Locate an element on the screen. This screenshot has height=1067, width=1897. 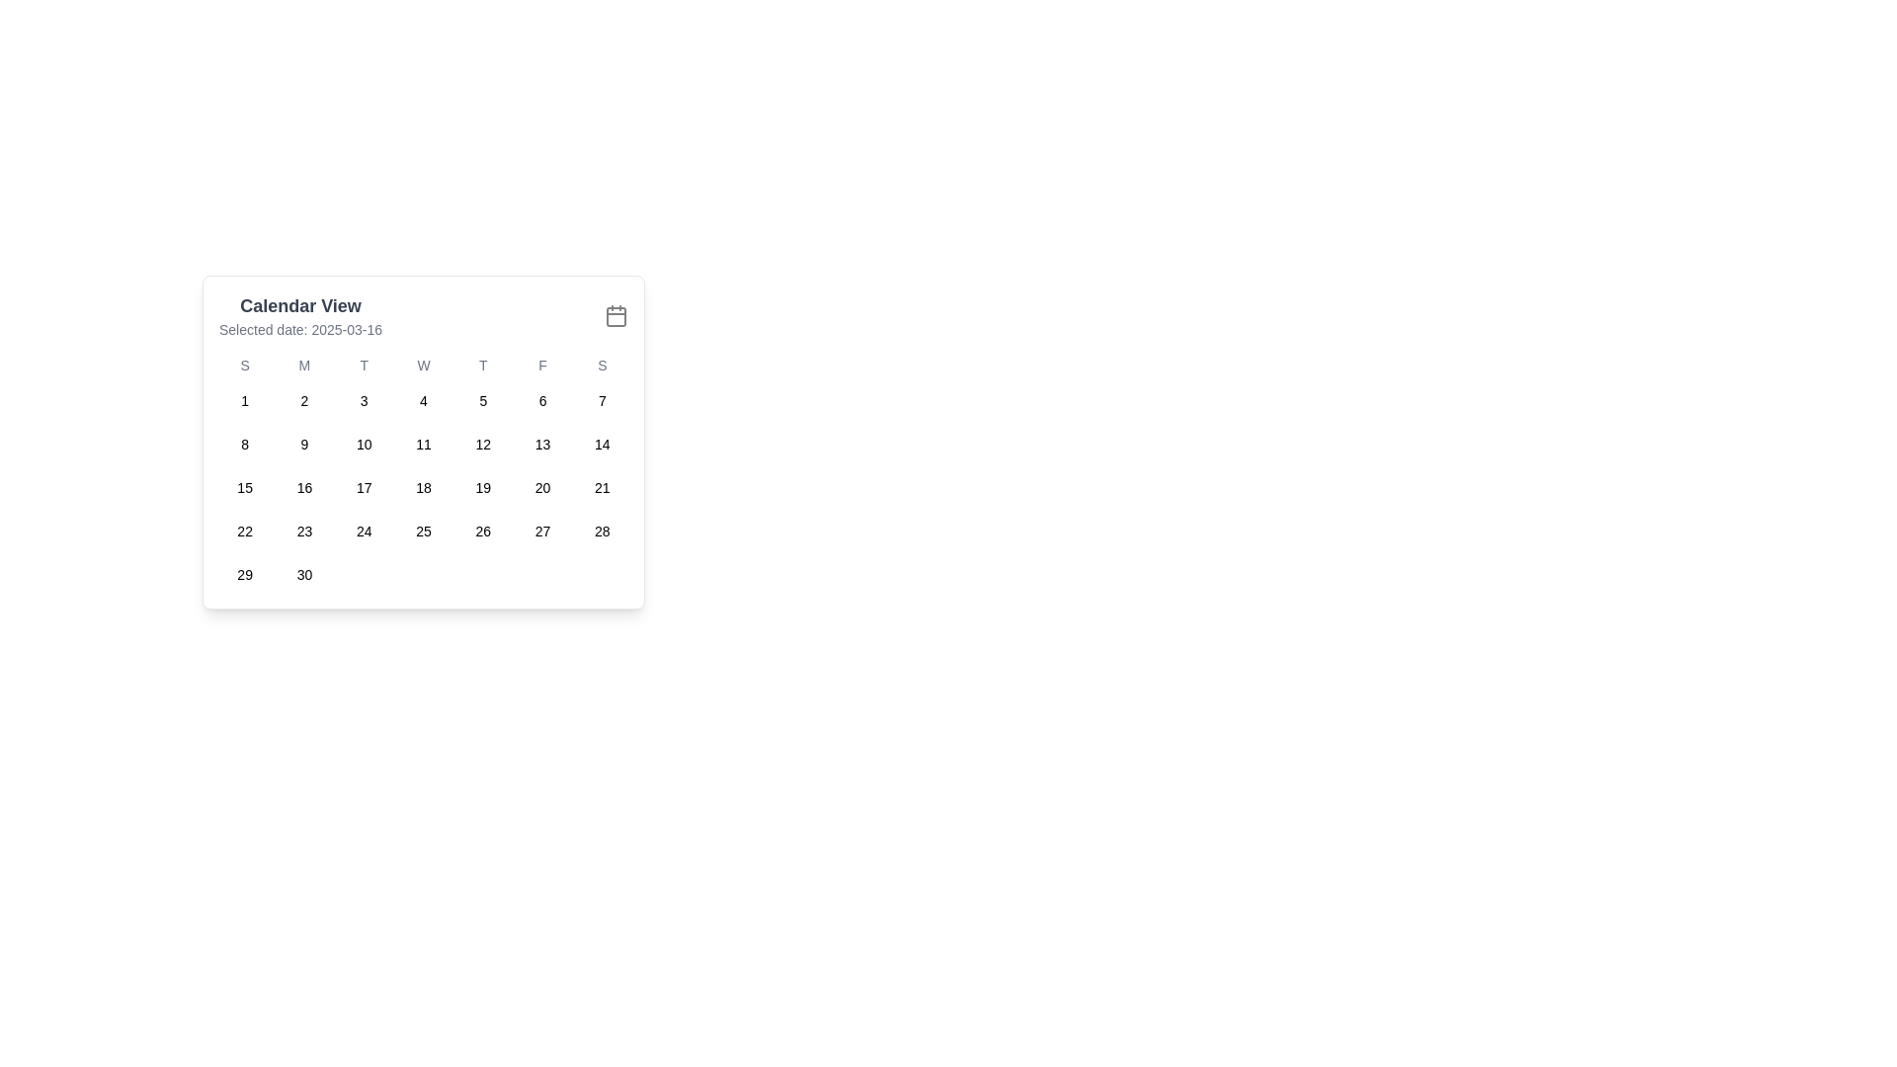
the calendar icon located in the top-right corner of the 'Calendar View' block, which is aligned with the 'Calendar View' text above is located at coordinates (616, 315).